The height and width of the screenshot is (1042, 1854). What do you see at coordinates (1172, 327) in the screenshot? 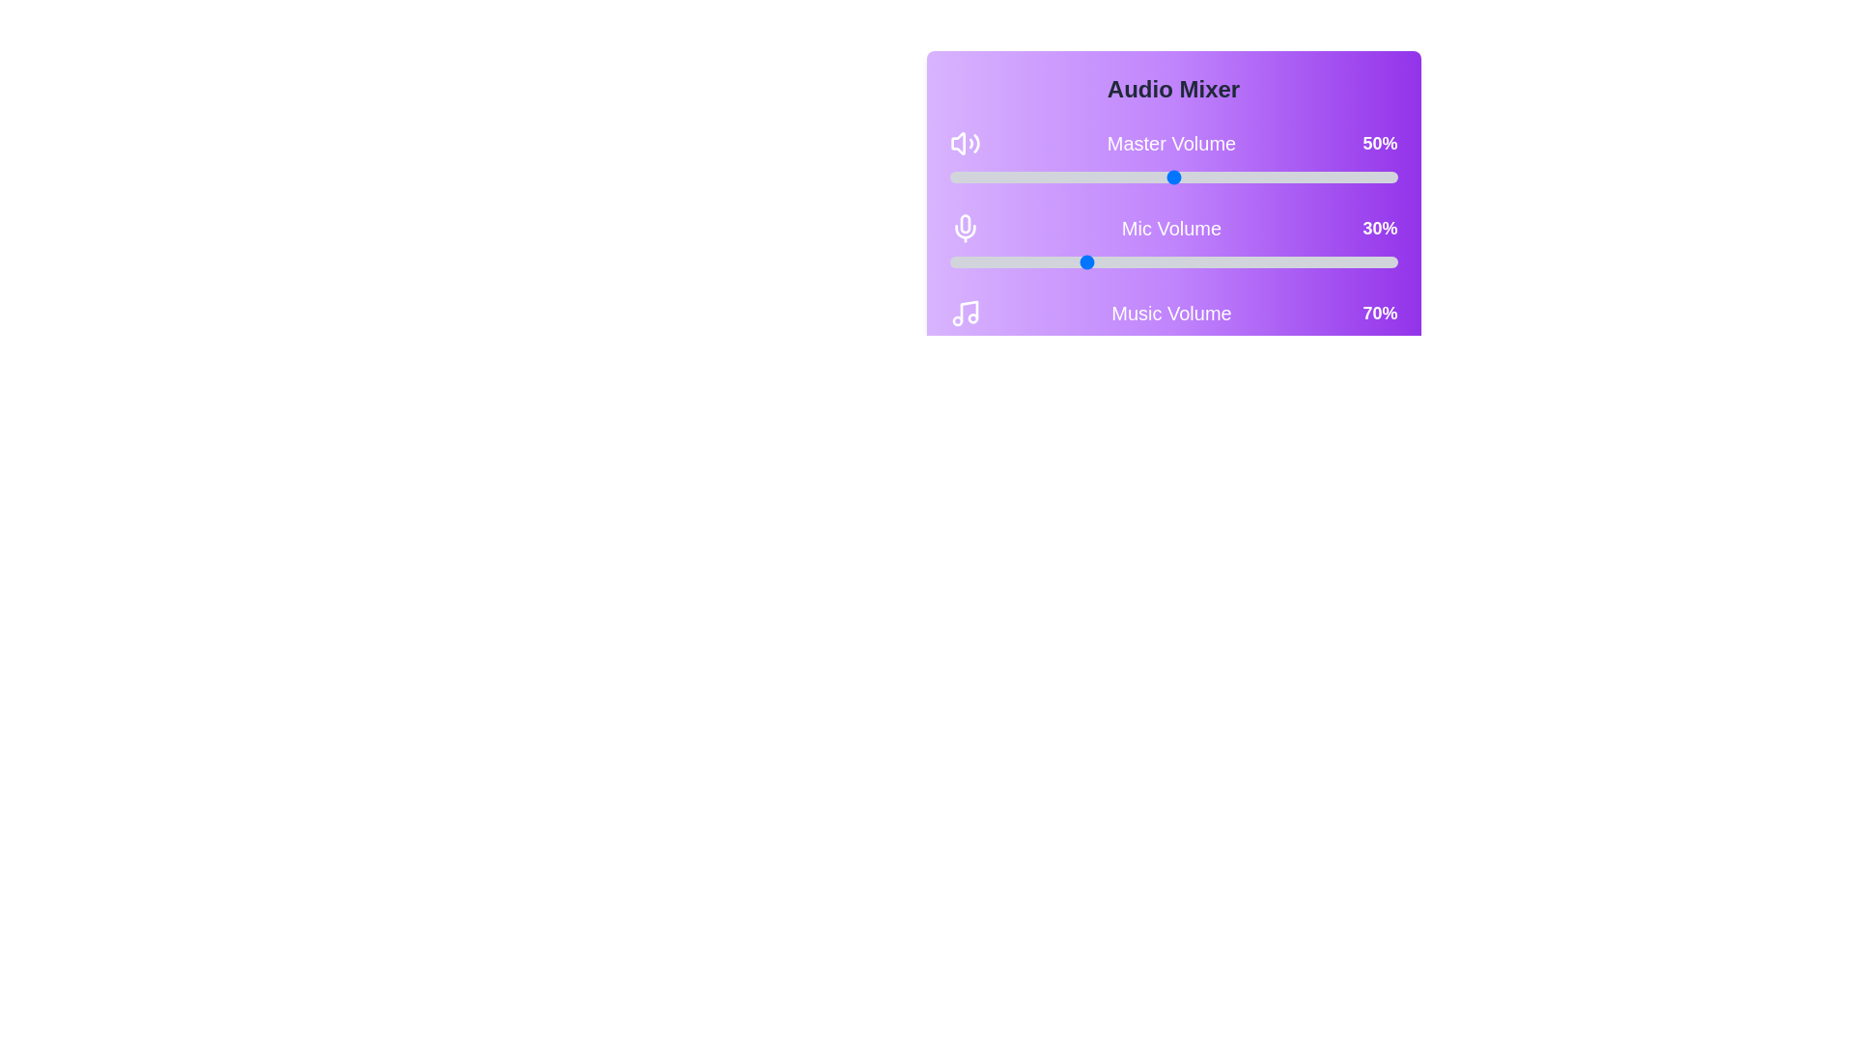
I see `the volume information of the Volume control display section, which shows 'Music Volume' and '70%' over a purple gradient background` at bounding box center [1172, 327].